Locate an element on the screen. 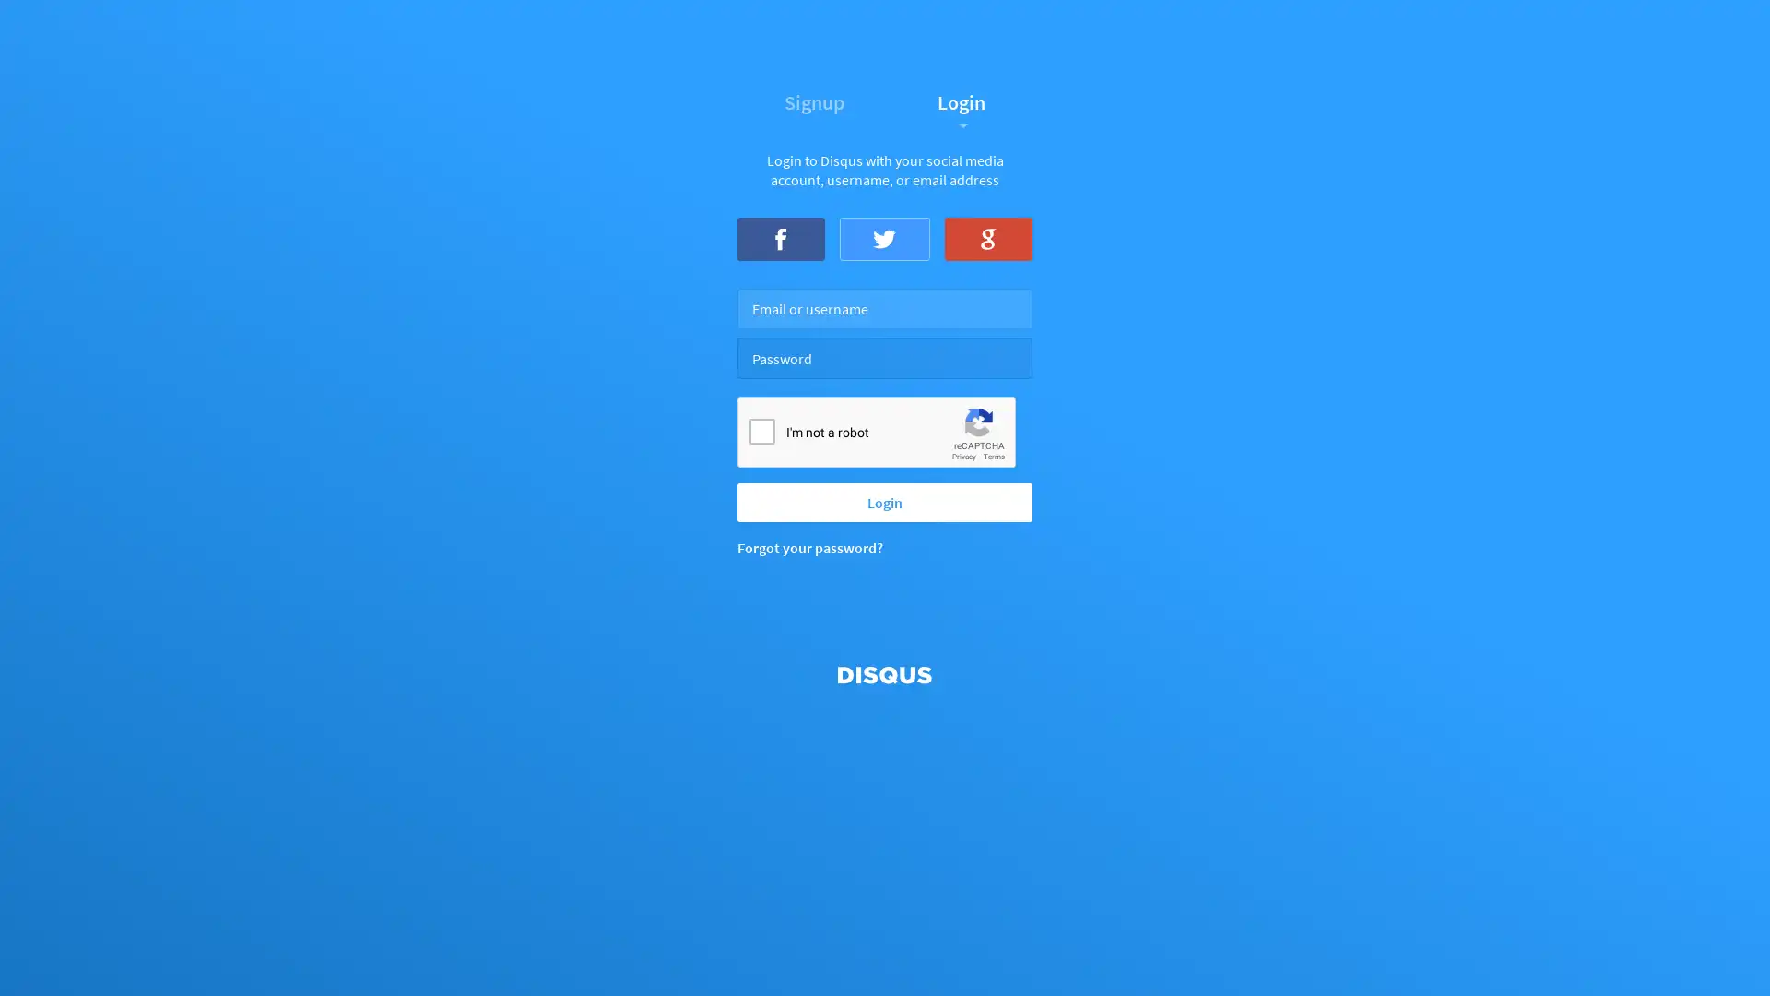 The width and height of the screenshot is (1770, 996). Google is located at coordinates (986, 237).